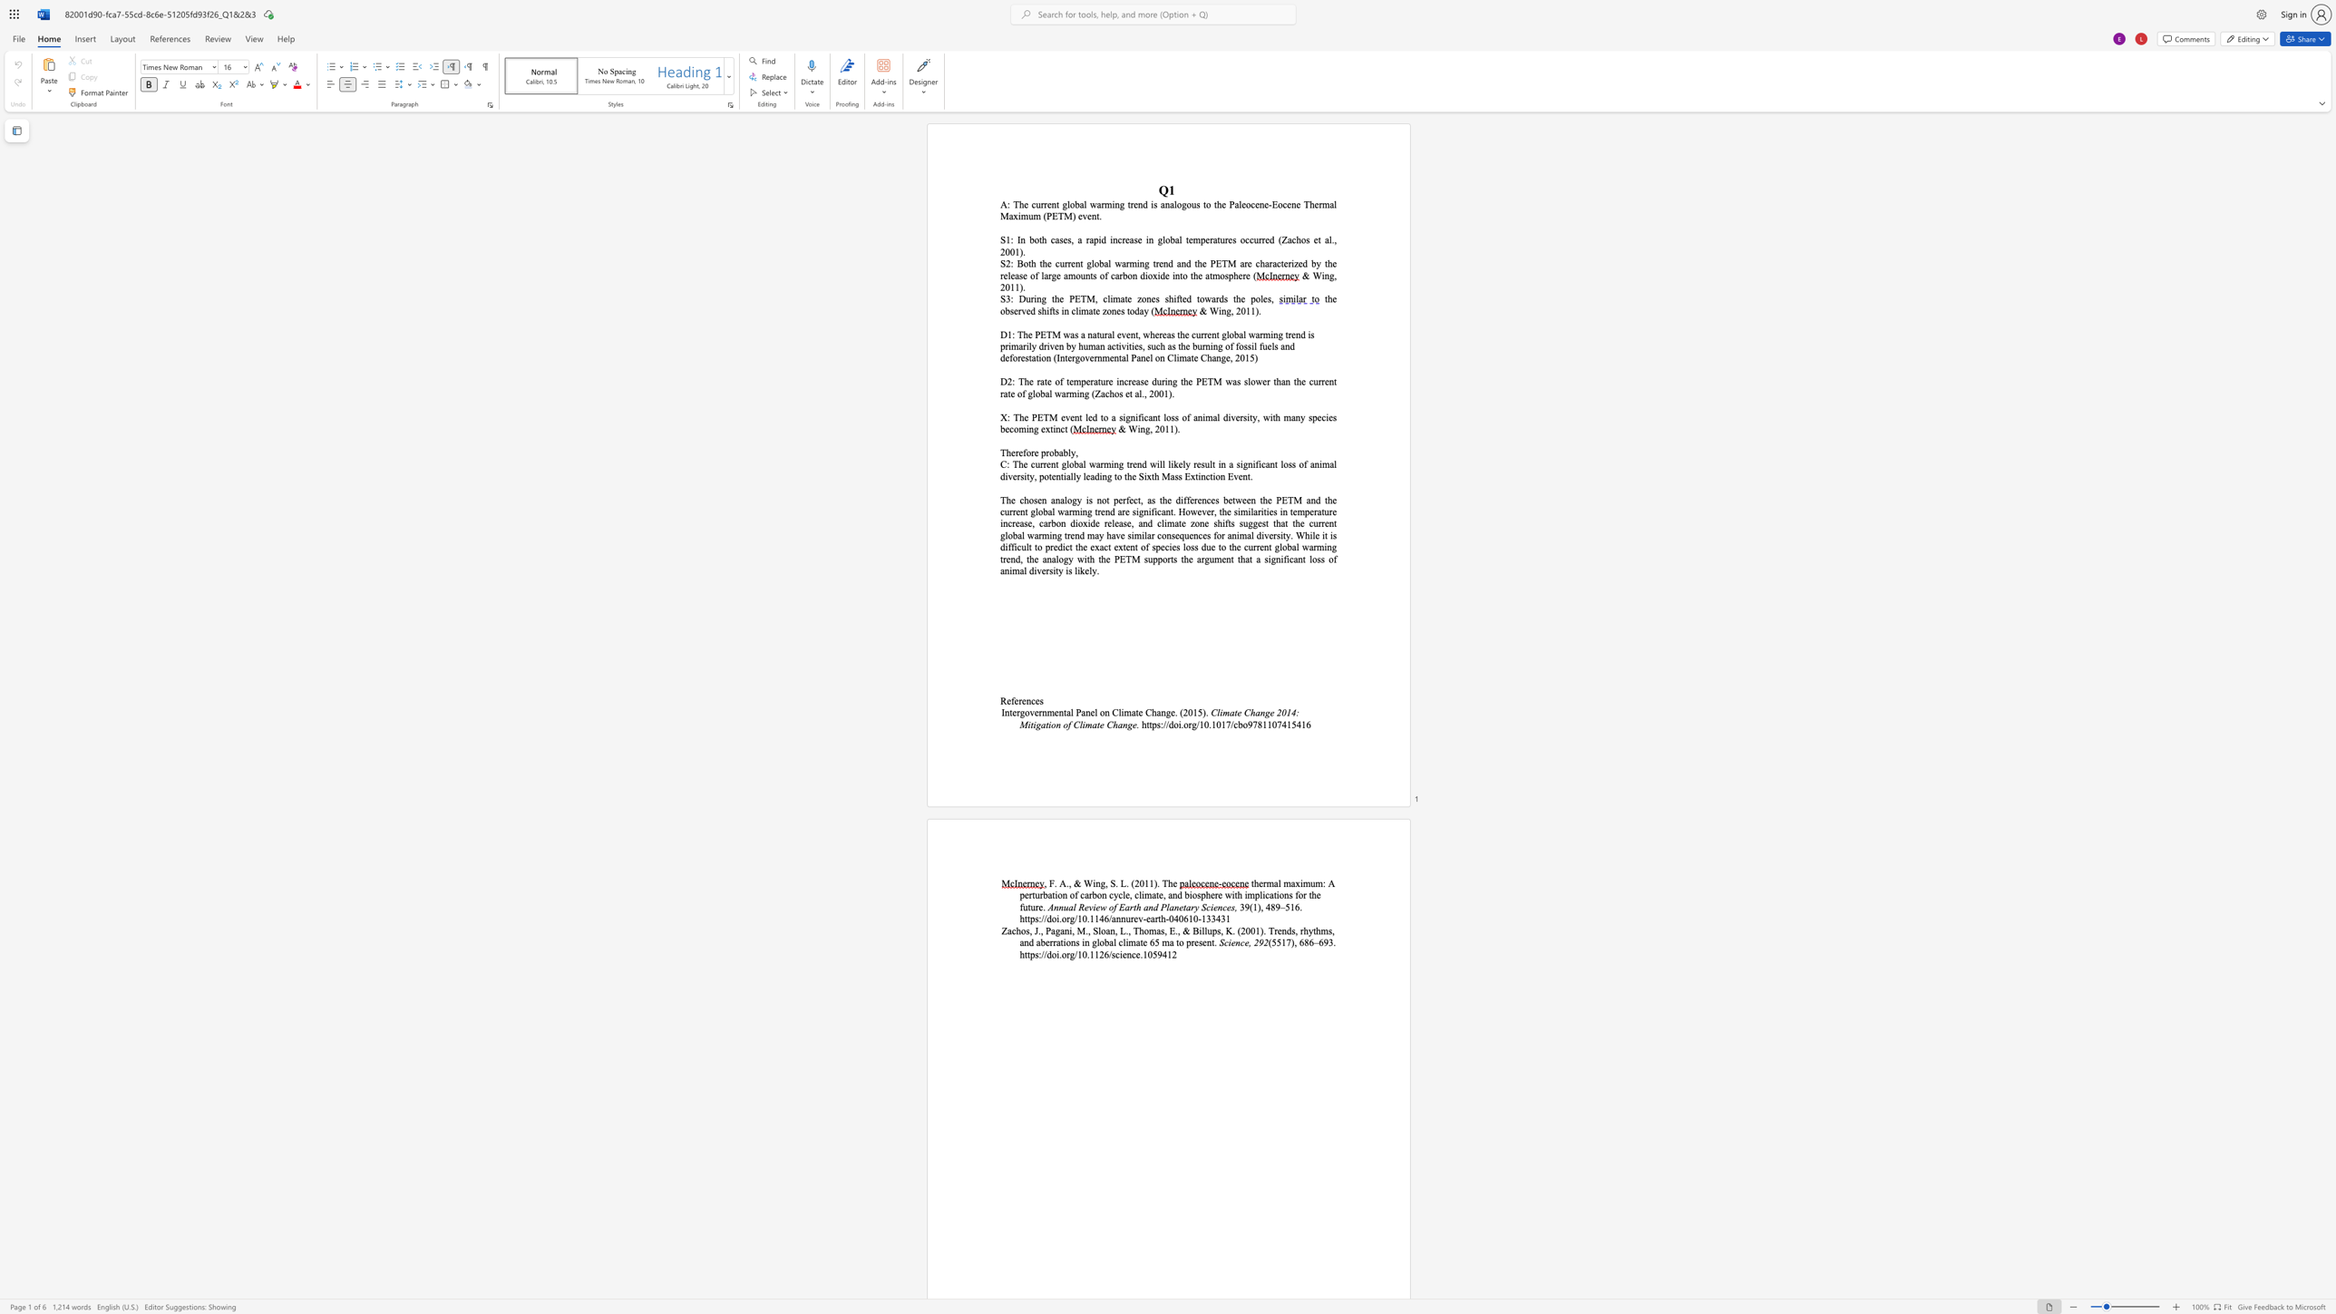 The width and height of the screenshot is (2336, 1314). What do you see at coordinates (1137, 393) in the screenshot?
I see `the subset text "l., 2001)" within the text "ncrease during the PETM was slower than the current rate of global warming (Zachos et al., 2001)."` at bounding box center [1137, 393].